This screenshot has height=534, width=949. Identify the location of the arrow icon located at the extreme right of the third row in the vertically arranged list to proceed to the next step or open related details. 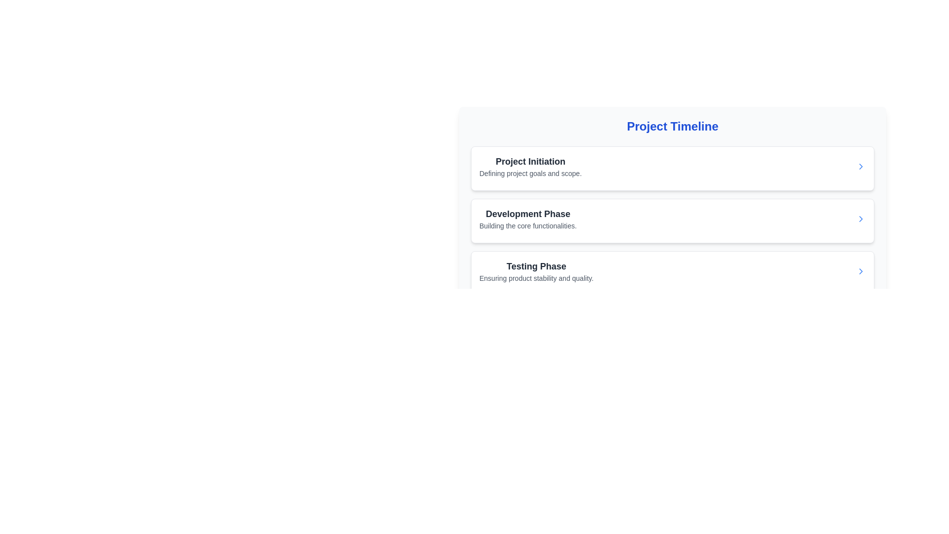
(861, 271).